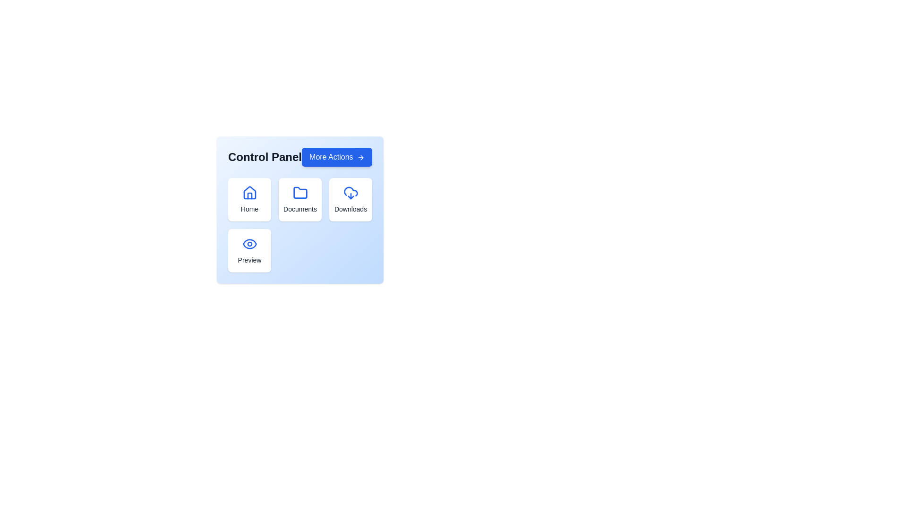 The width and height of the screenshot is (907, 510). What do you see at coordinates (249, 250) in the screenshot?
I see `the preview button located in the bottom-left corner of the grid layout` at bounding box center [249, 250].